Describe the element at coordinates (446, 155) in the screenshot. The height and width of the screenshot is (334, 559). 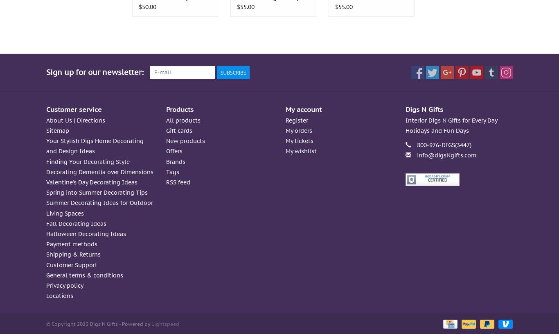
I see `'info@digsNgifts.com'` at that location.